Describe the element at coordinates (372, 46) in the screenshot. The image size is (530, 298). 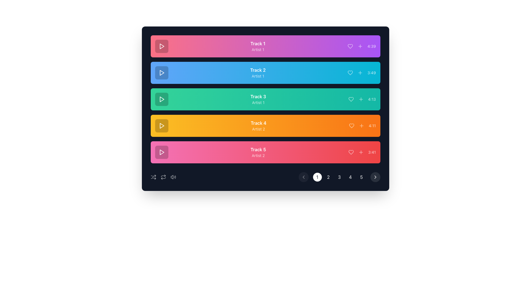
I see `the text label displaying '4:39', which is located at the top-right corner of the first track row, following a heart icon and a plus sign icon` at that location.